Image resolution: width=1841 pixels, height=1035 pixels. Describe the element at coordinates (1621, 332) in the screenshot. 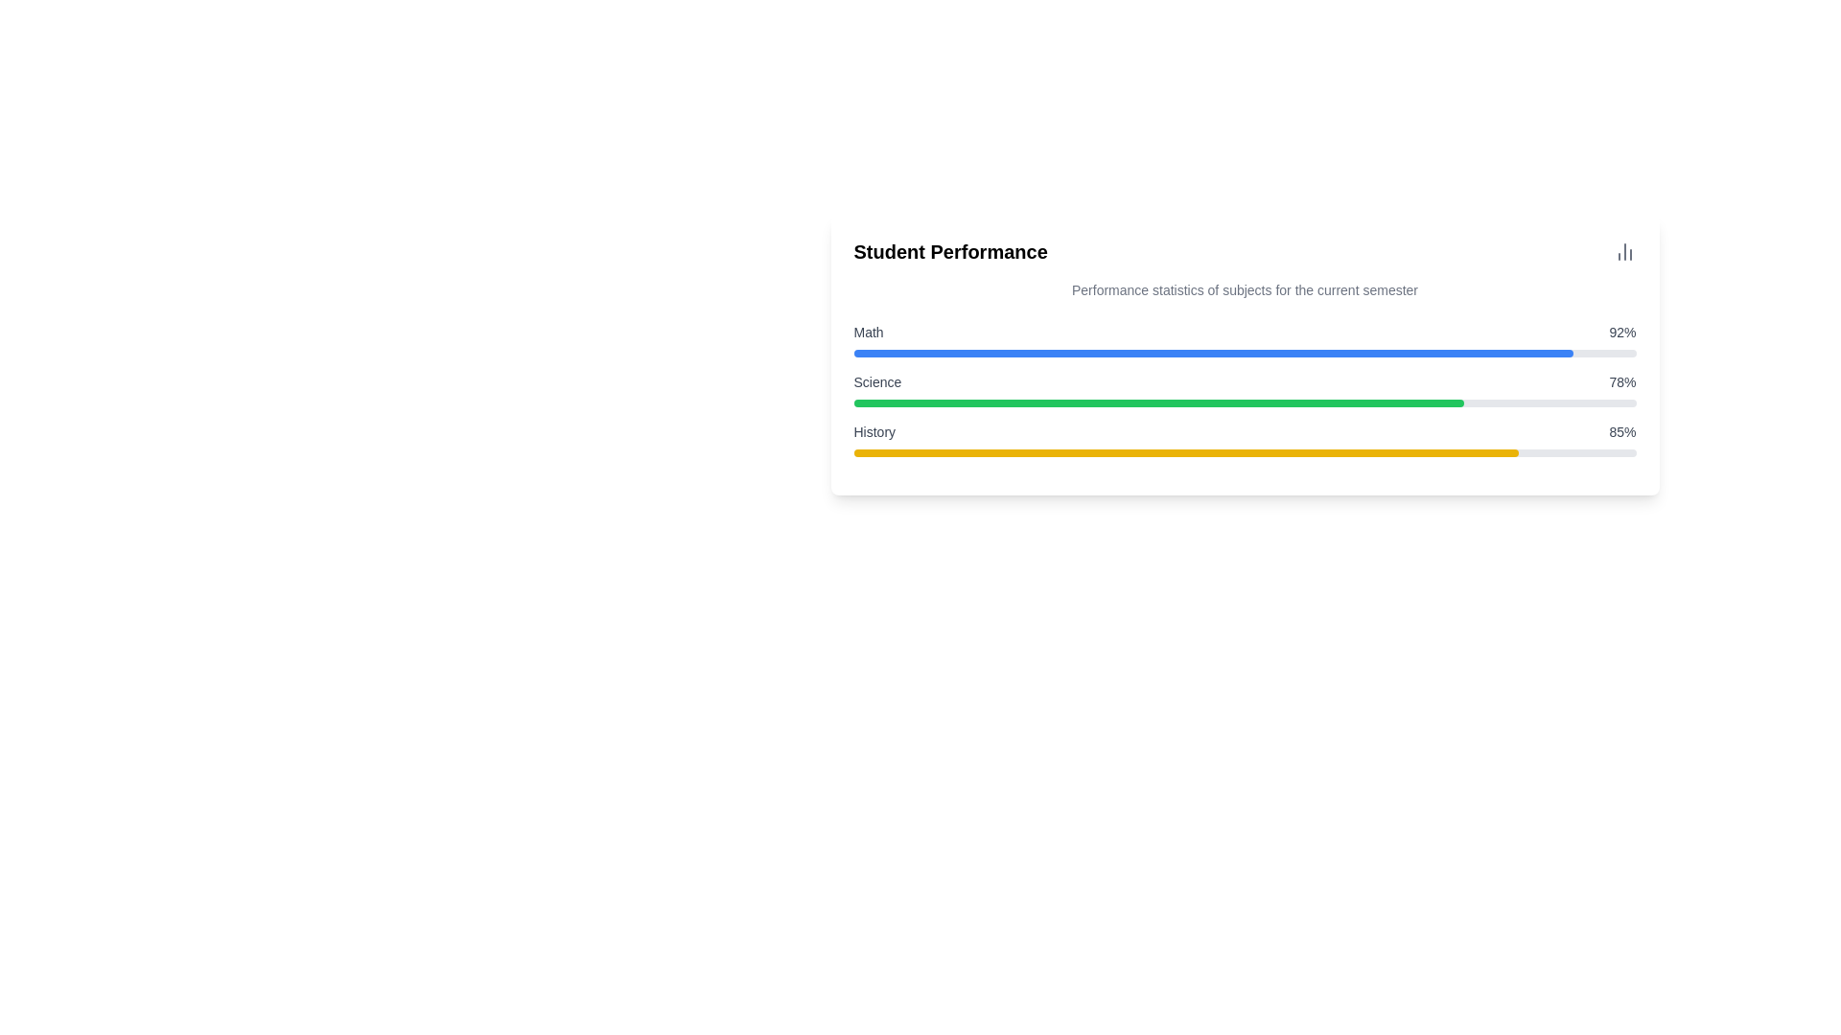

I see `the text element displaying '92%' which is styled in gray and located to the right of the 'Math' label` at that location.